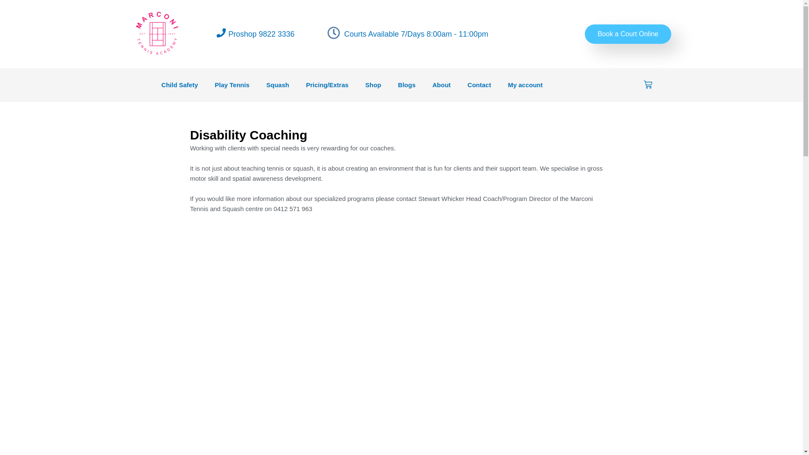 Image resolution: width=809 pixels, height=455 pixels. I want to click on 'Book a Court Online', so click(627, 34).